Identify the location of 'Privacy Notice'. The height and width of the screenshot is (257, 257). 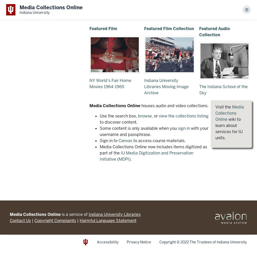
(139, 242).